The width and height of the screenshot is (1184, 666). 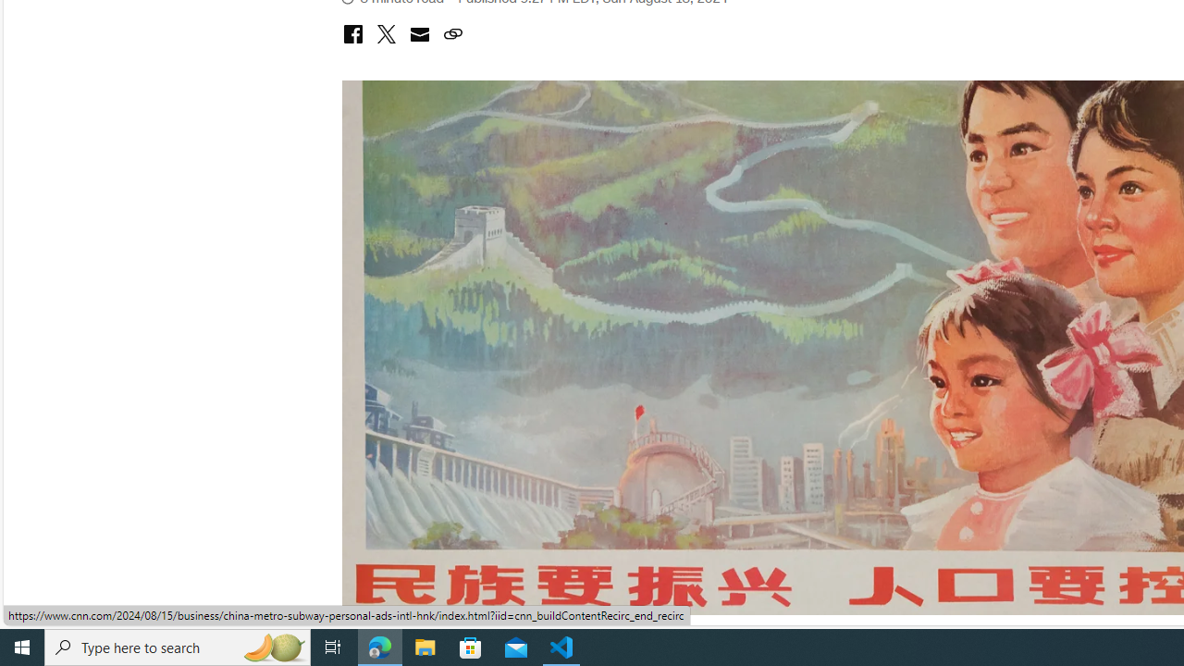 I want to click on 'share with facebook', so click(x=352, y=35).